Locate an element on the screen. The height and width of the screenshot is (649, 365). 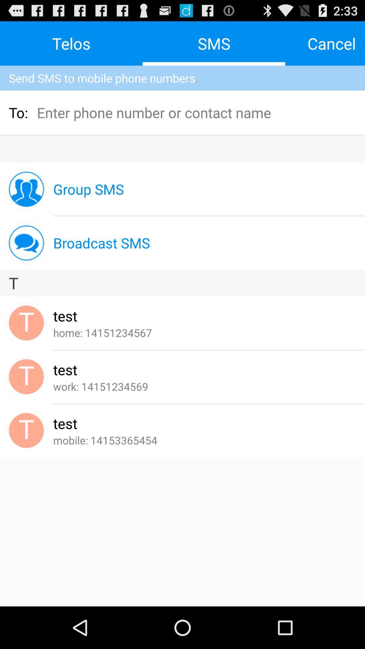
app next to the to: app is located at coordinates (82, 112).